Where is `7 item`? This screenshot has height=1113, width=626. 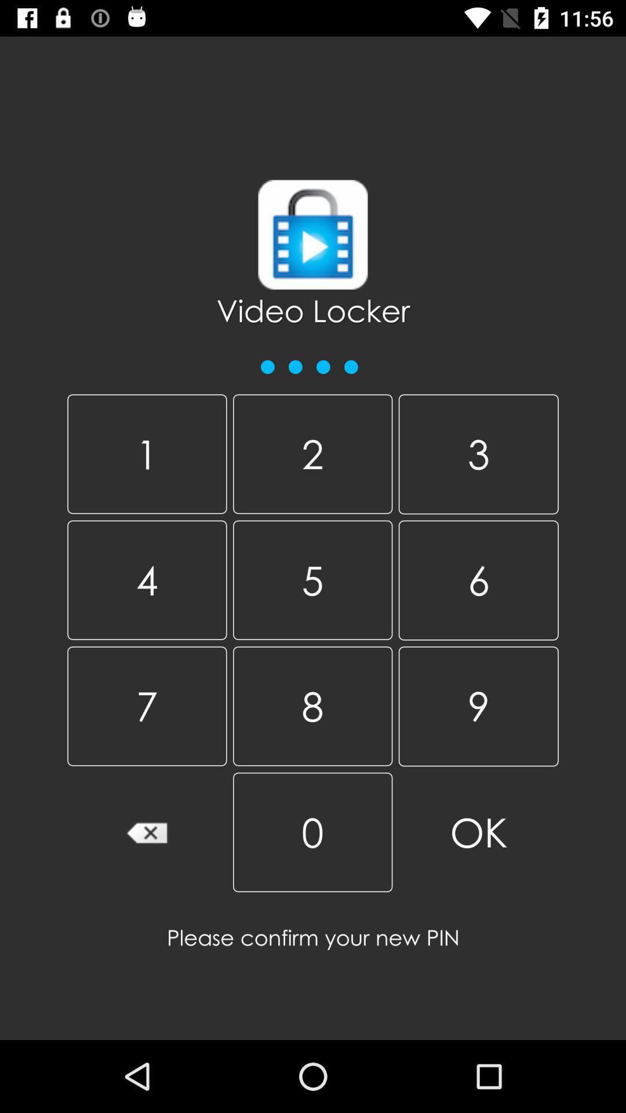 7 item is located at coordinates (146, 705).